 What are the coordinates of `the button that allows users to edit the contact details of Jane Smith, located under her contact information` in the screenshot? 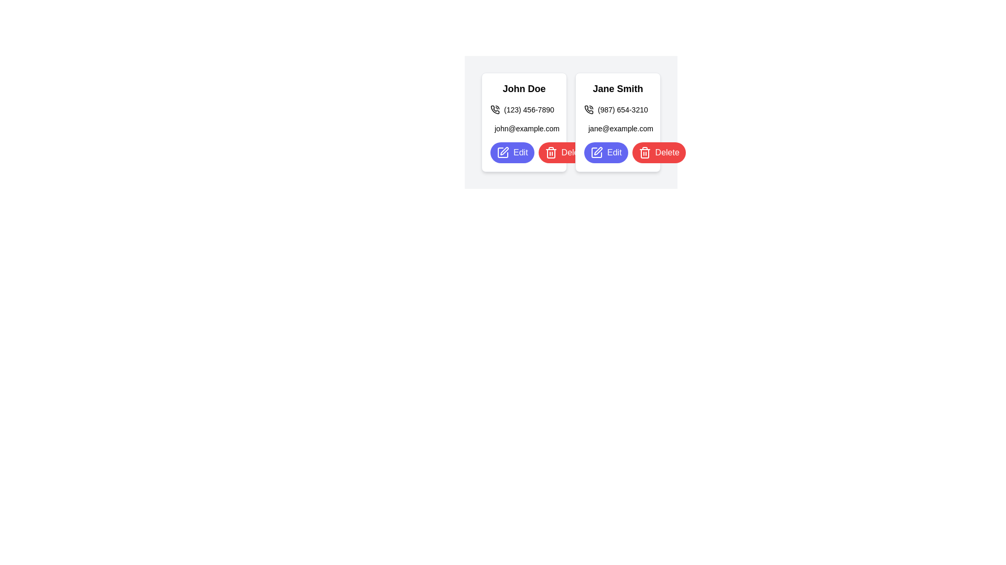 It's located at (606, 153).